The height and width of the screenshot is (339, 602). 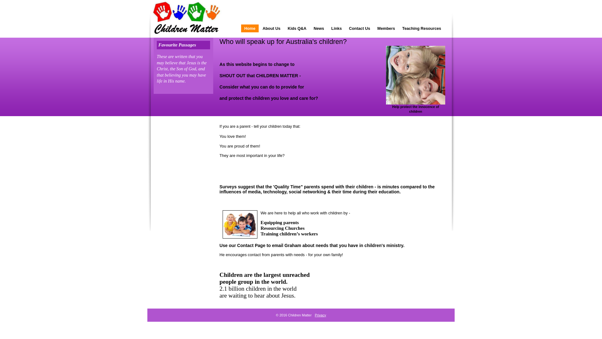 I want to click on 'About Us', so click(x=272, y=28).